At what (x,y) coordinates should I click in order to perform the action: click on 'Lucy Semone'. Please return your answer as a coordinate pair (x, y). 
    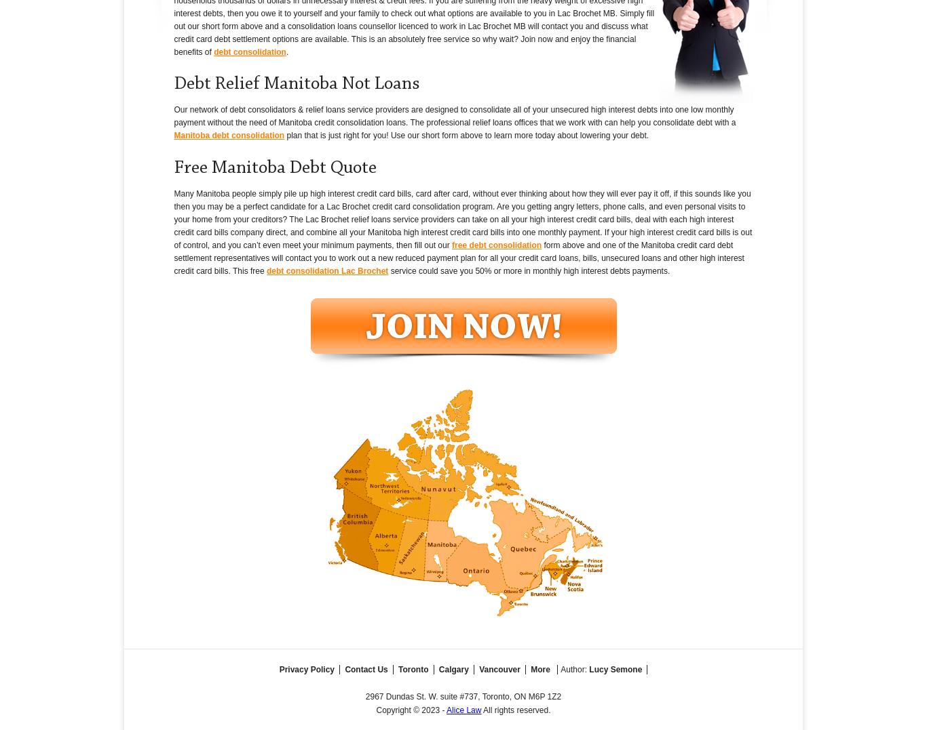
    Looking at the image, I should click on (588, 668).